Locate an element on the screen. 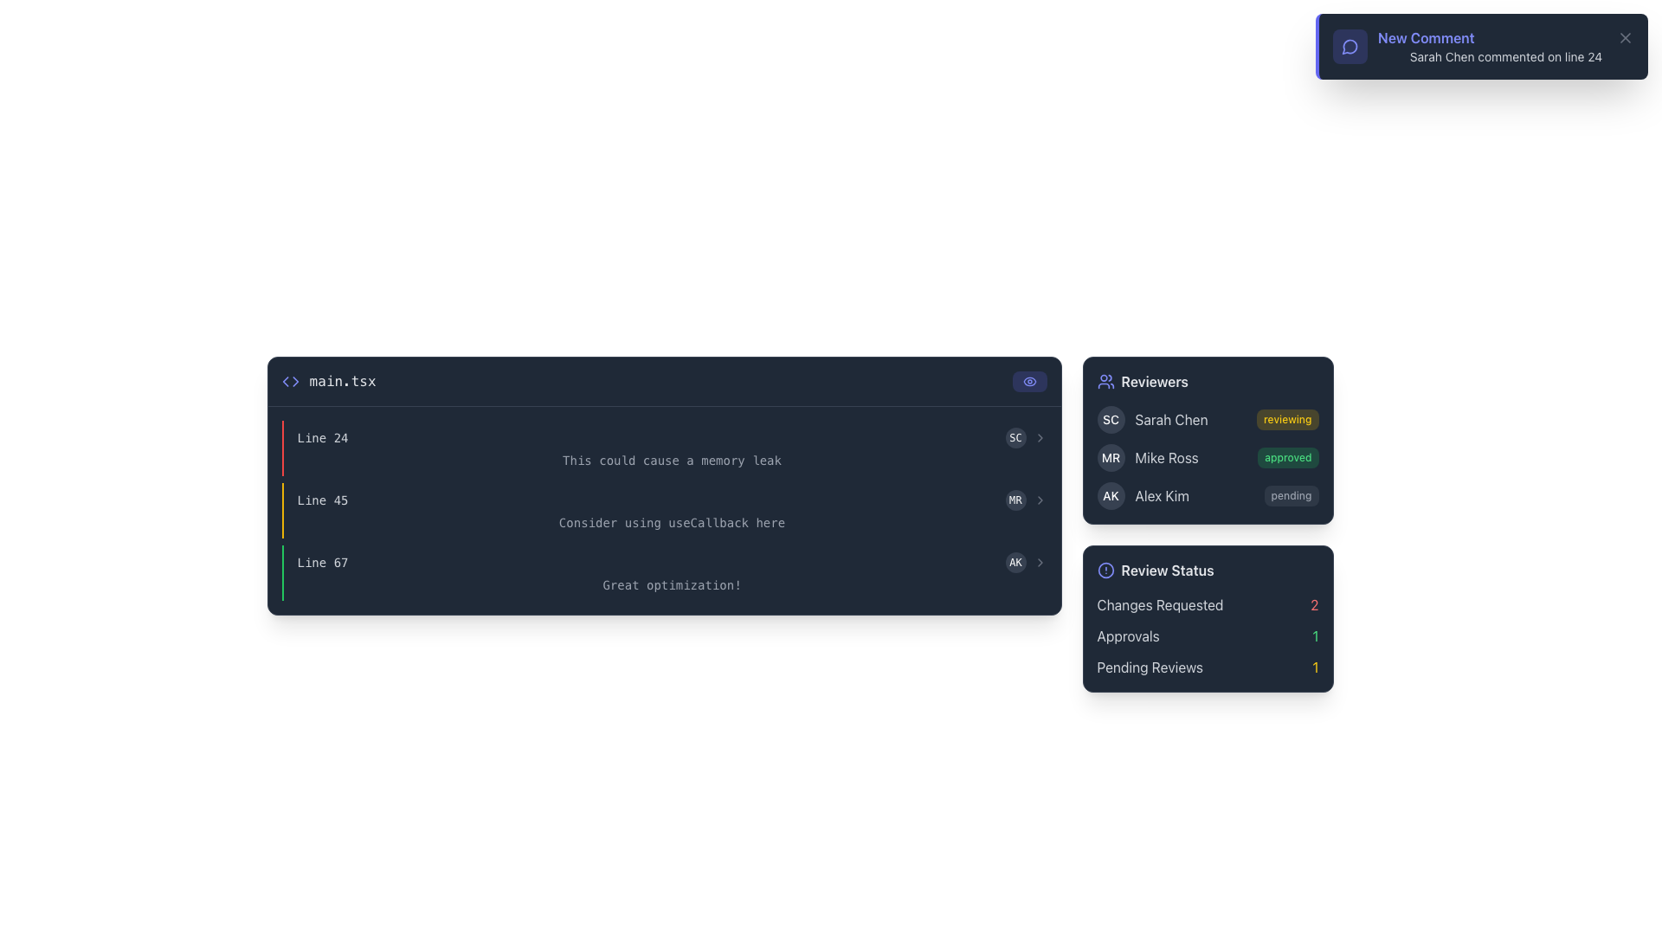  the text label reading 'Line 45' is located at coordinates (323, 500).